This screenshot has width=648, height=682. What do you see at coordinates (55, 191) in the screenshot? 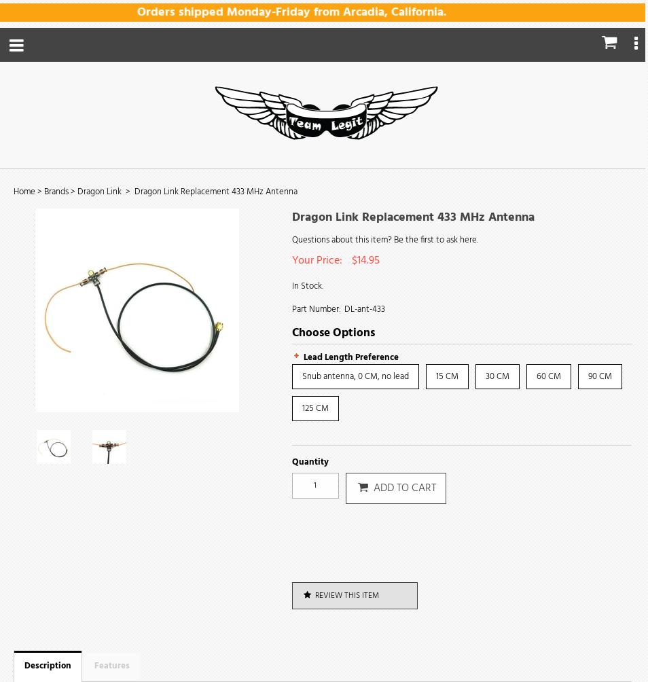
I see `'Brands'` at bounding box center [55, 191].